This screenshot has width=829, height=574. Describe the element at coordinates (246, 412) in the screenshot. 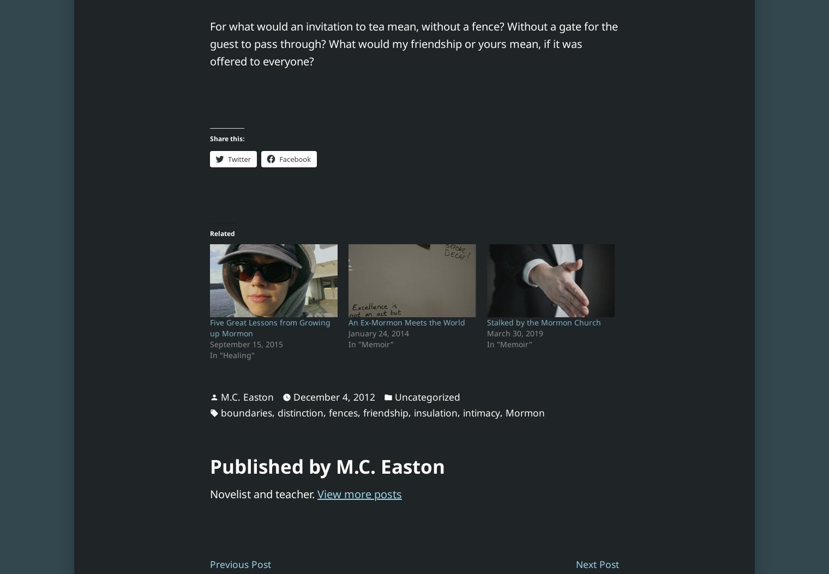

I see `'boundaries'` at that location.